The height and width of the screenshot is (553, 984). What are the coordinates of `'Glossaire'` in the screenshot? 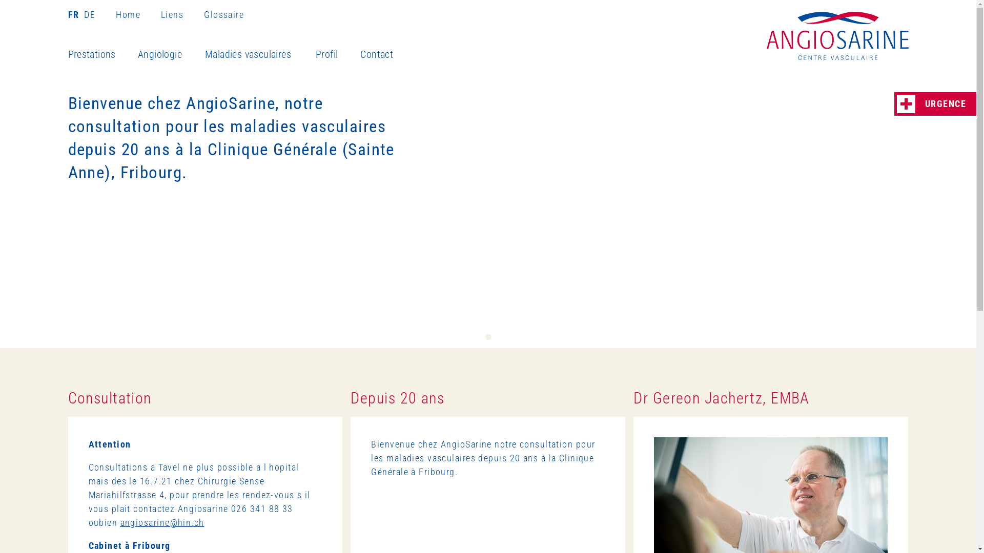 It's located at (223, 14).